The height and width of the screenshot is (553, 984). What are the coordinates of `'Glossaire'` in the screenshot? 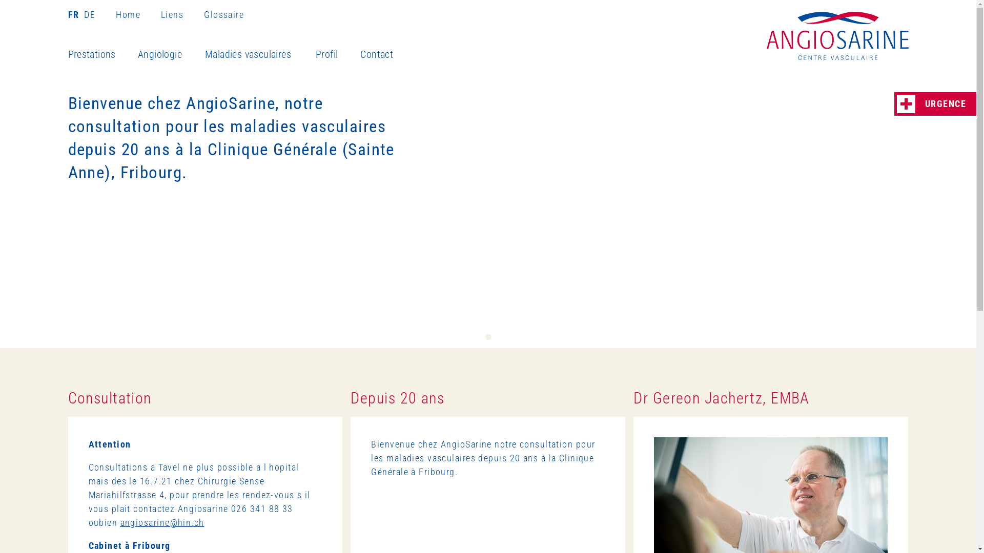 It's located at (223, 14).